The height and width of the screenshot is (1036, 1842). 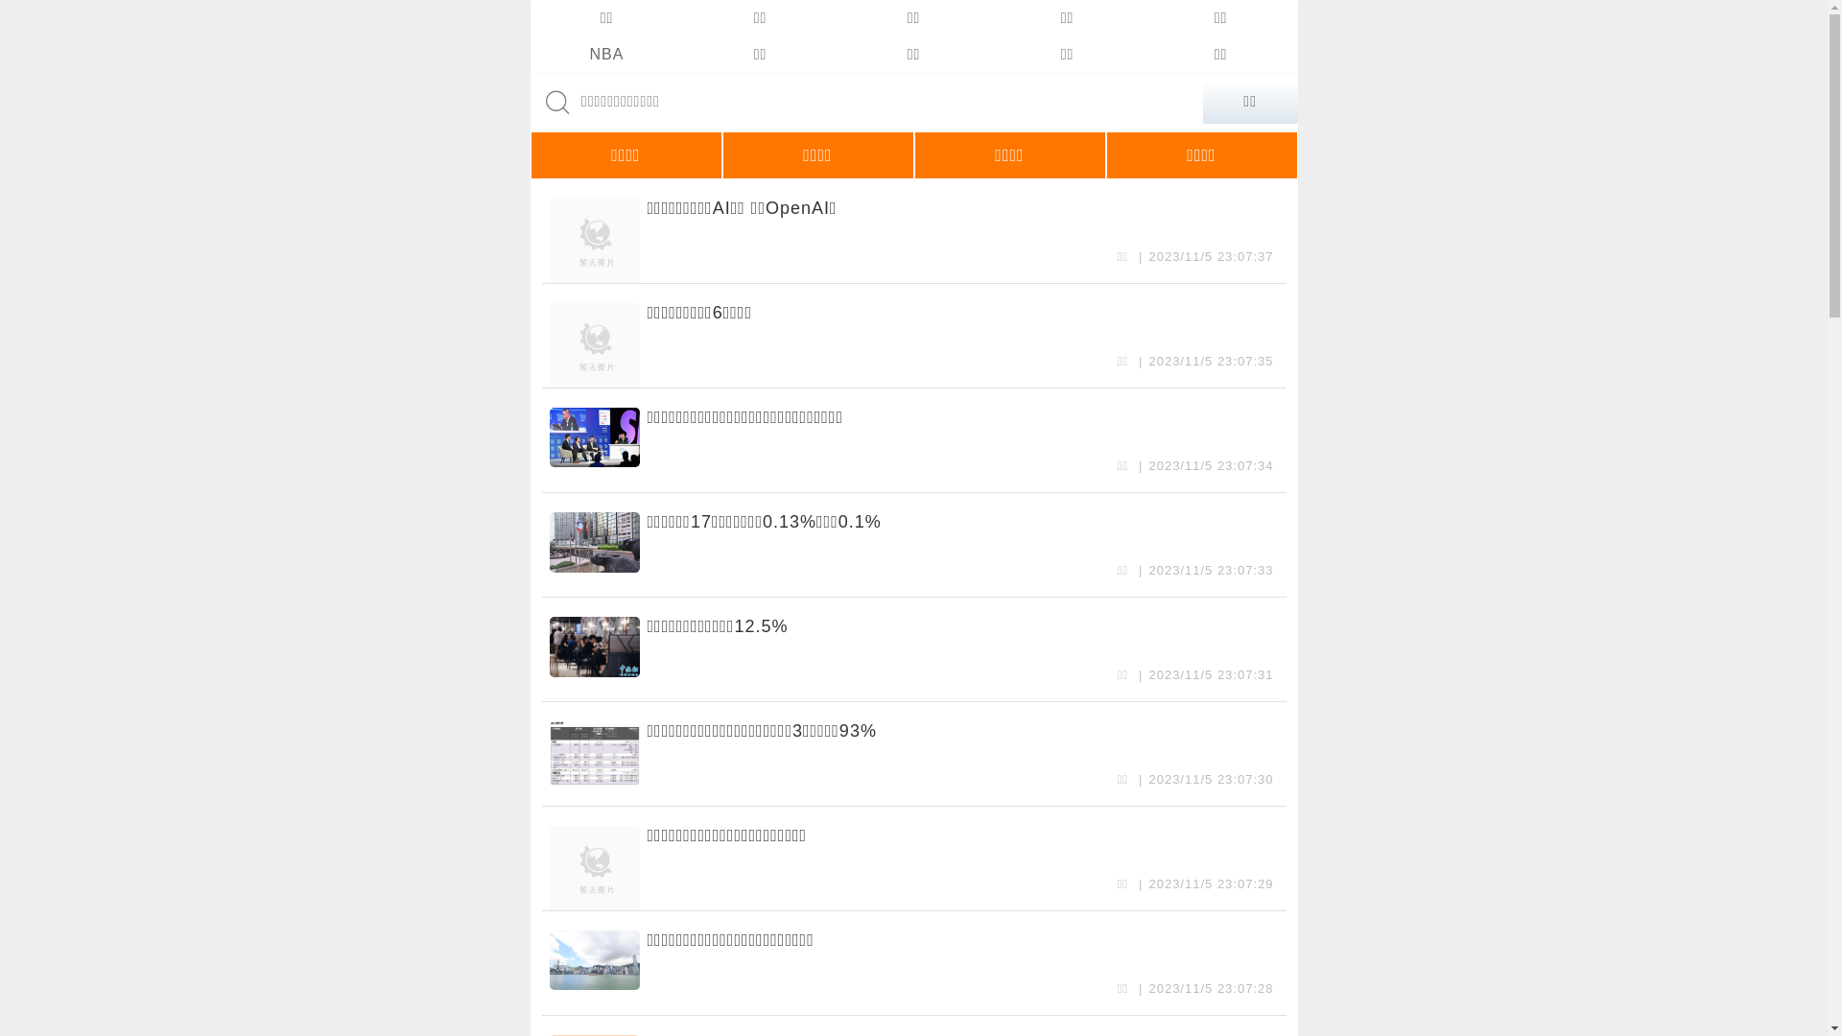 I want to click on 'NBA', so click(x=605, y=54).